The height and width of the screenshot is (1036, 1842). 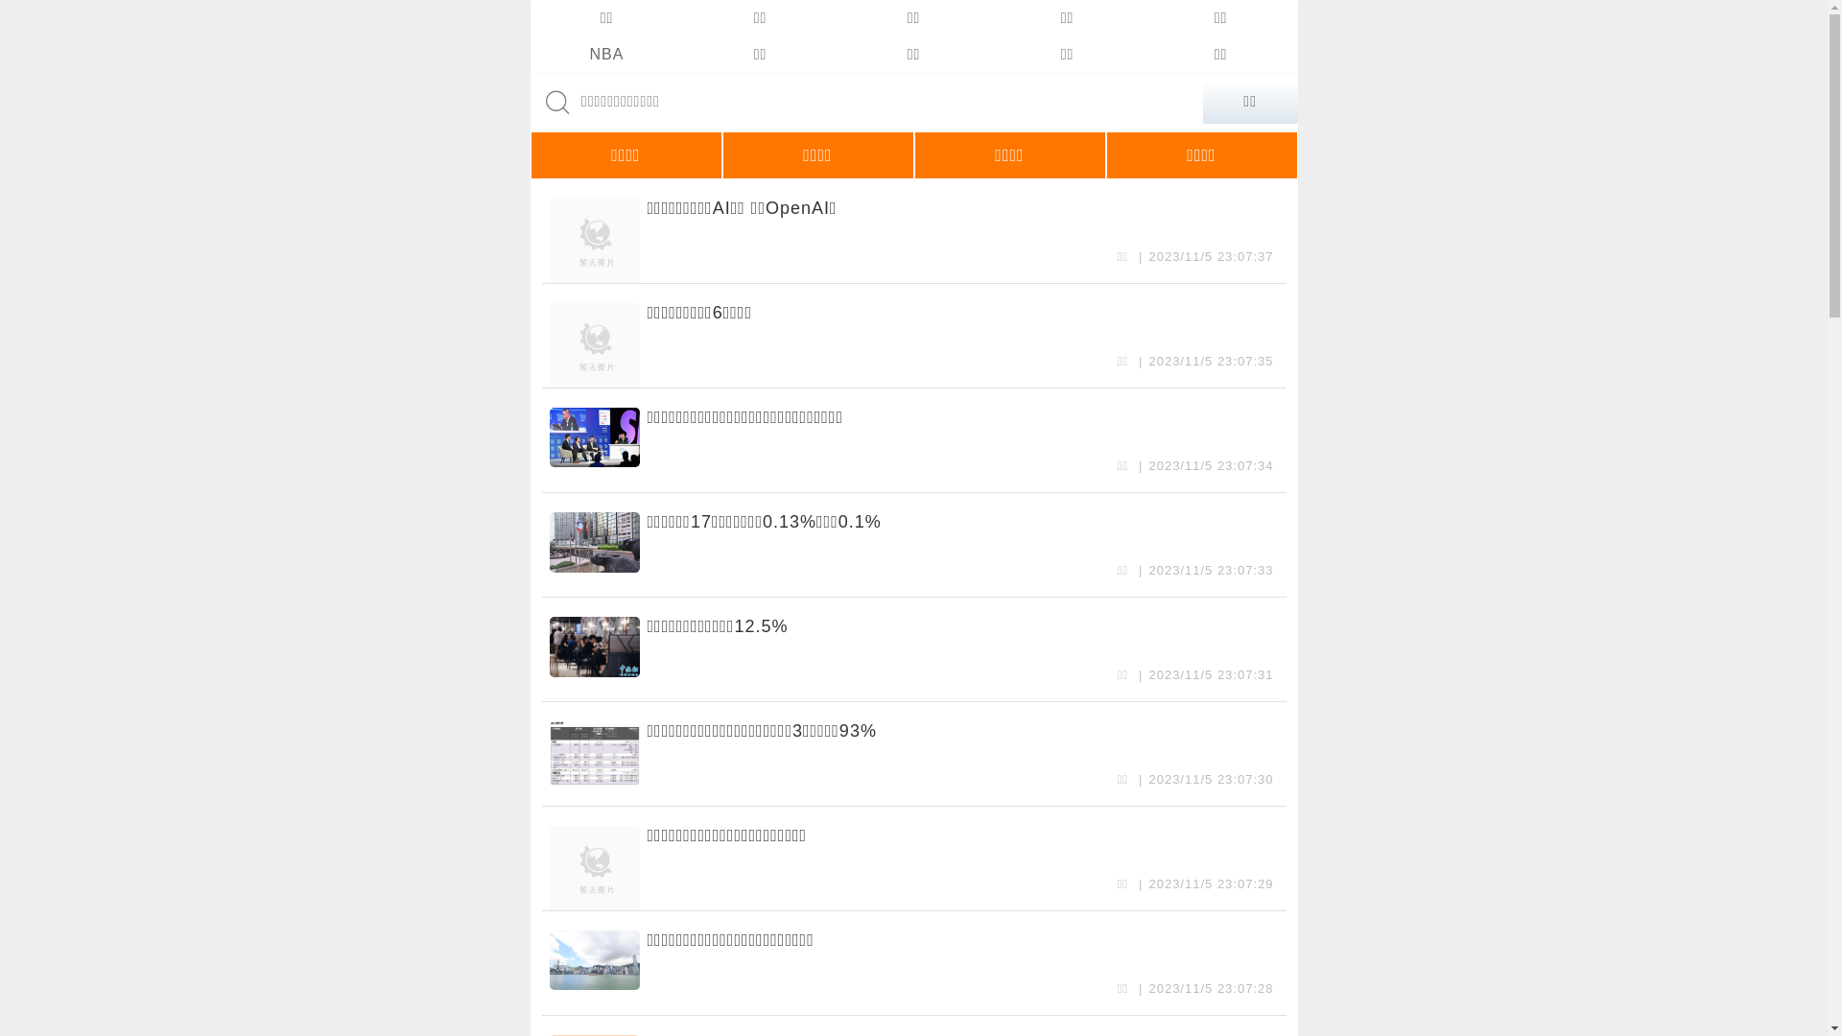 I want to click on 'NBA', so click(x=605, y=54).